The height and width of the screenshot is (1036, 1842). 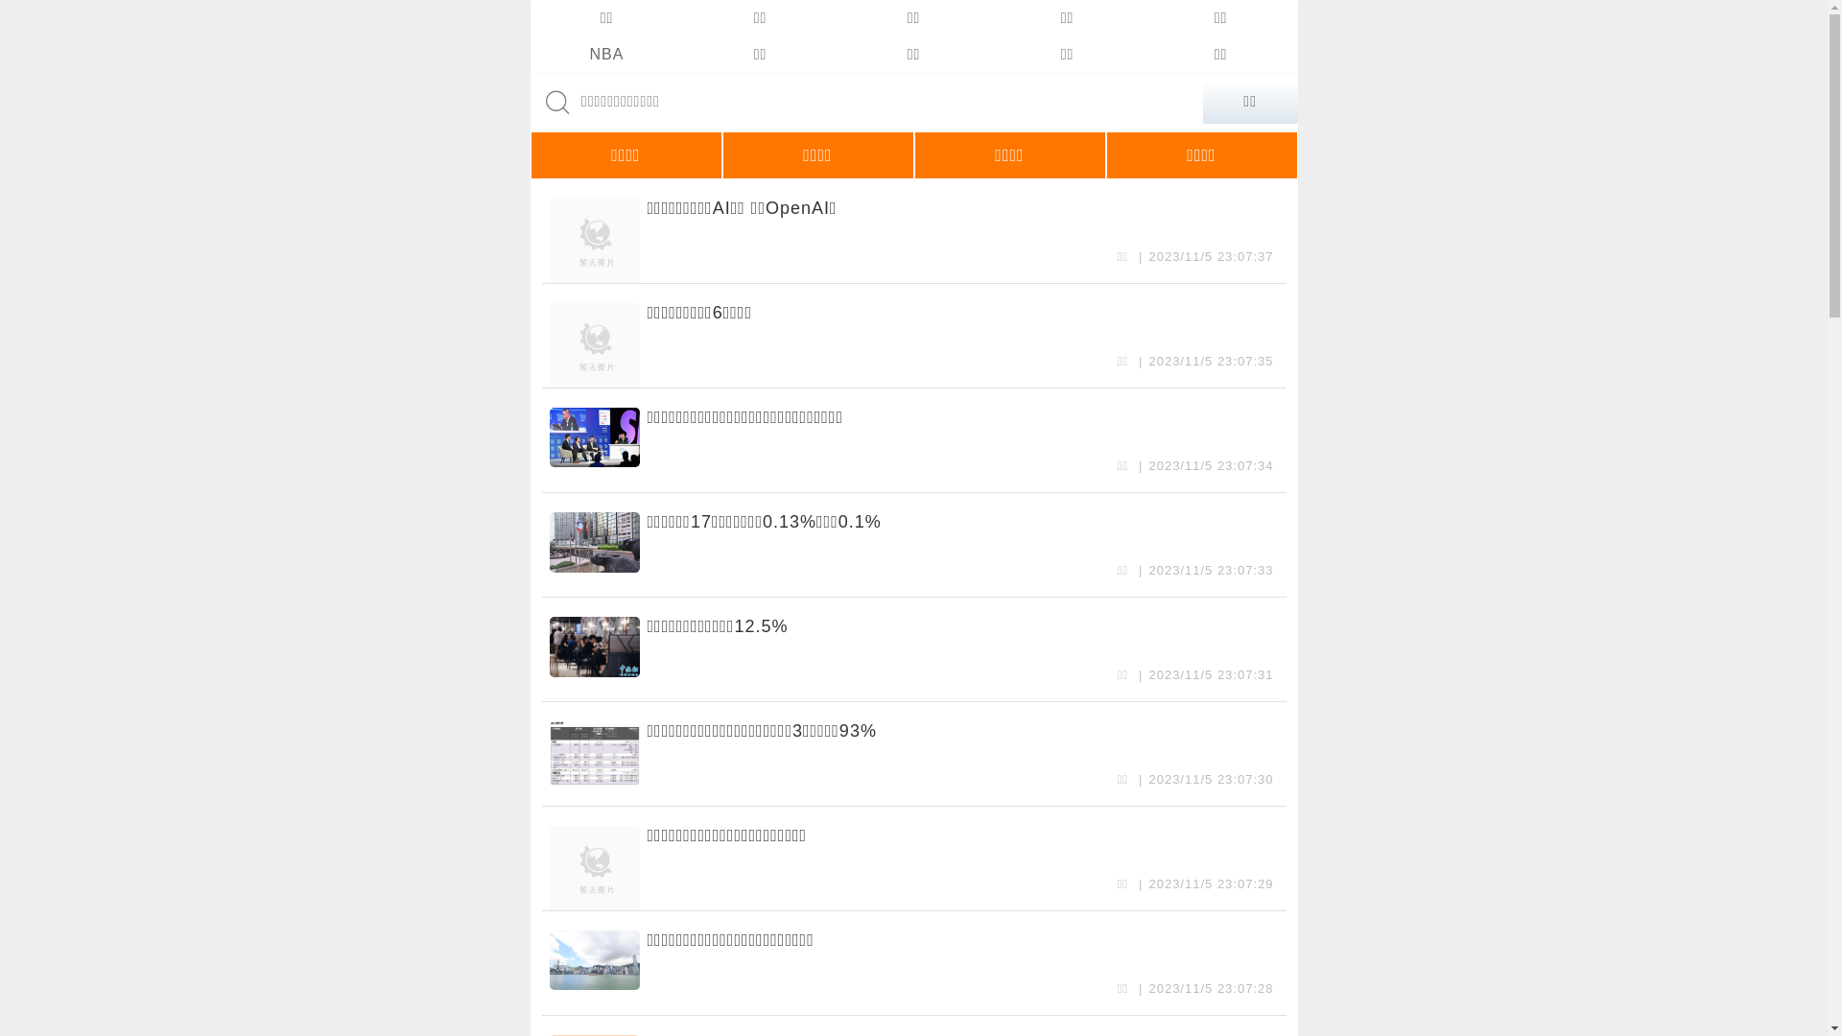 I want to click on 'NBA', so click(x=605, y=54).